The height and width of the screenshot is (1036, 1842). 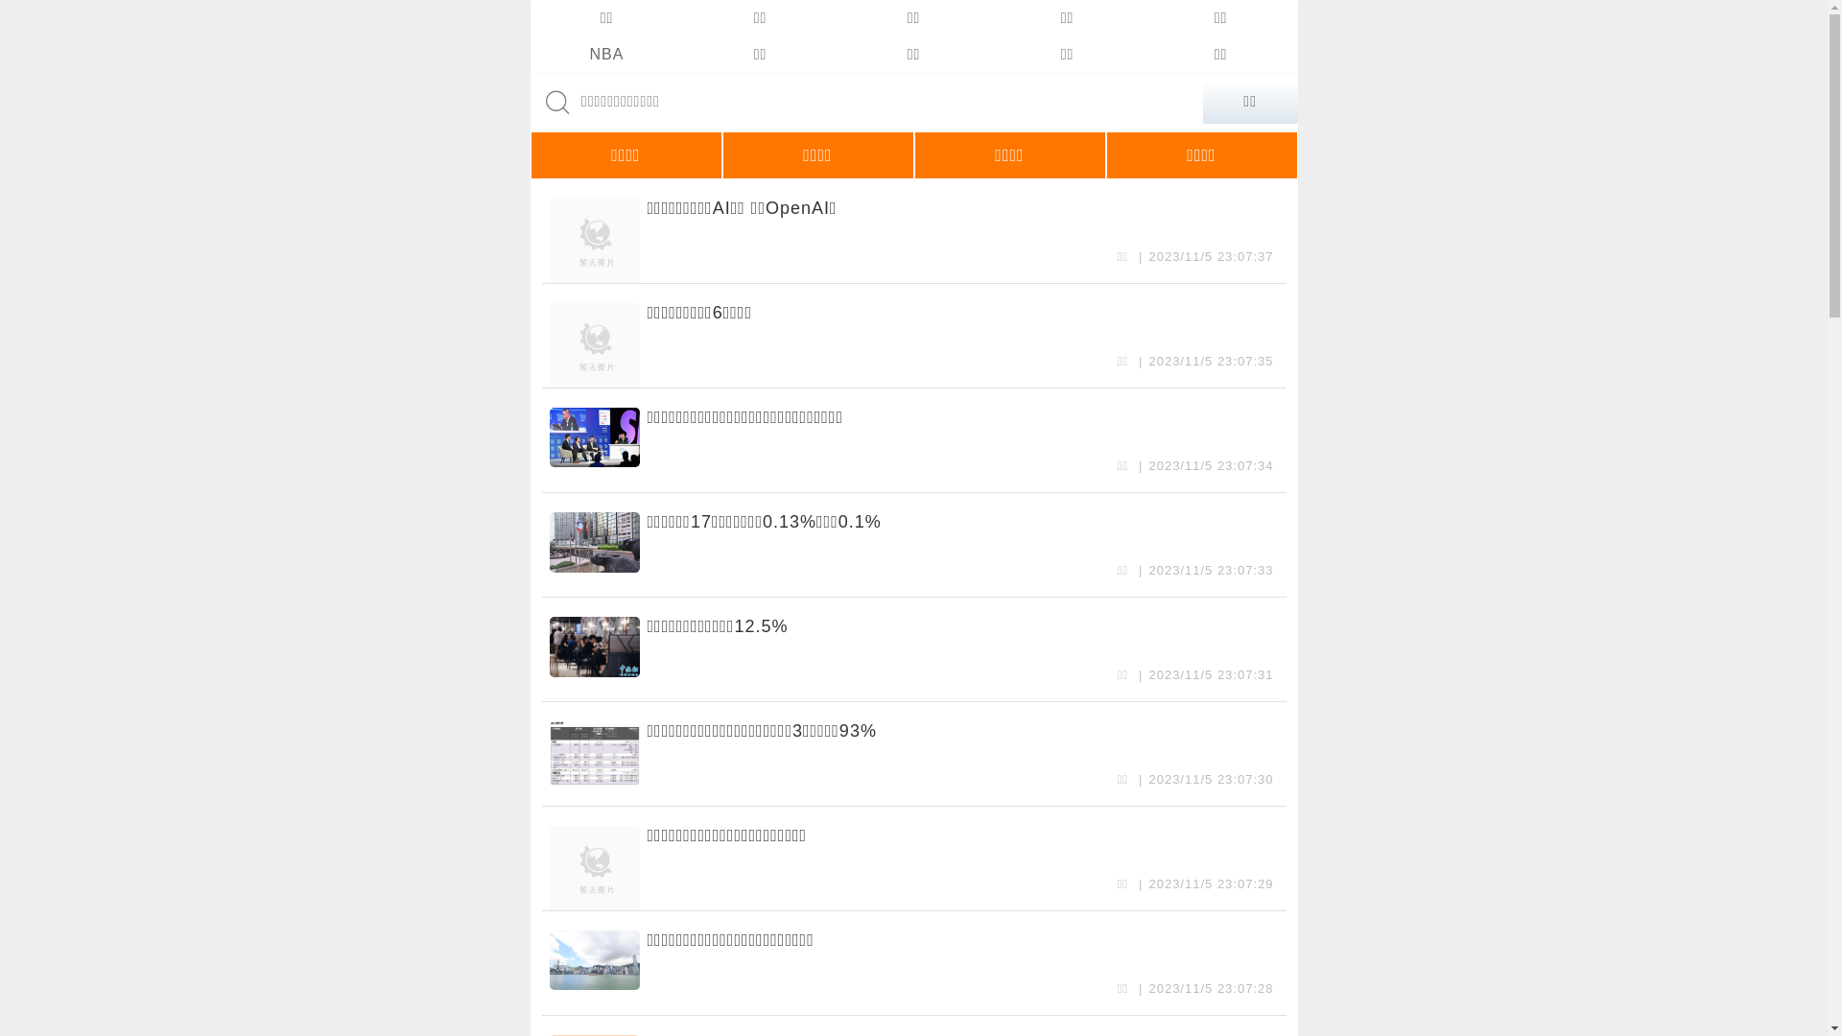 I want to click on 'NBA', so click(x=605, y=54).